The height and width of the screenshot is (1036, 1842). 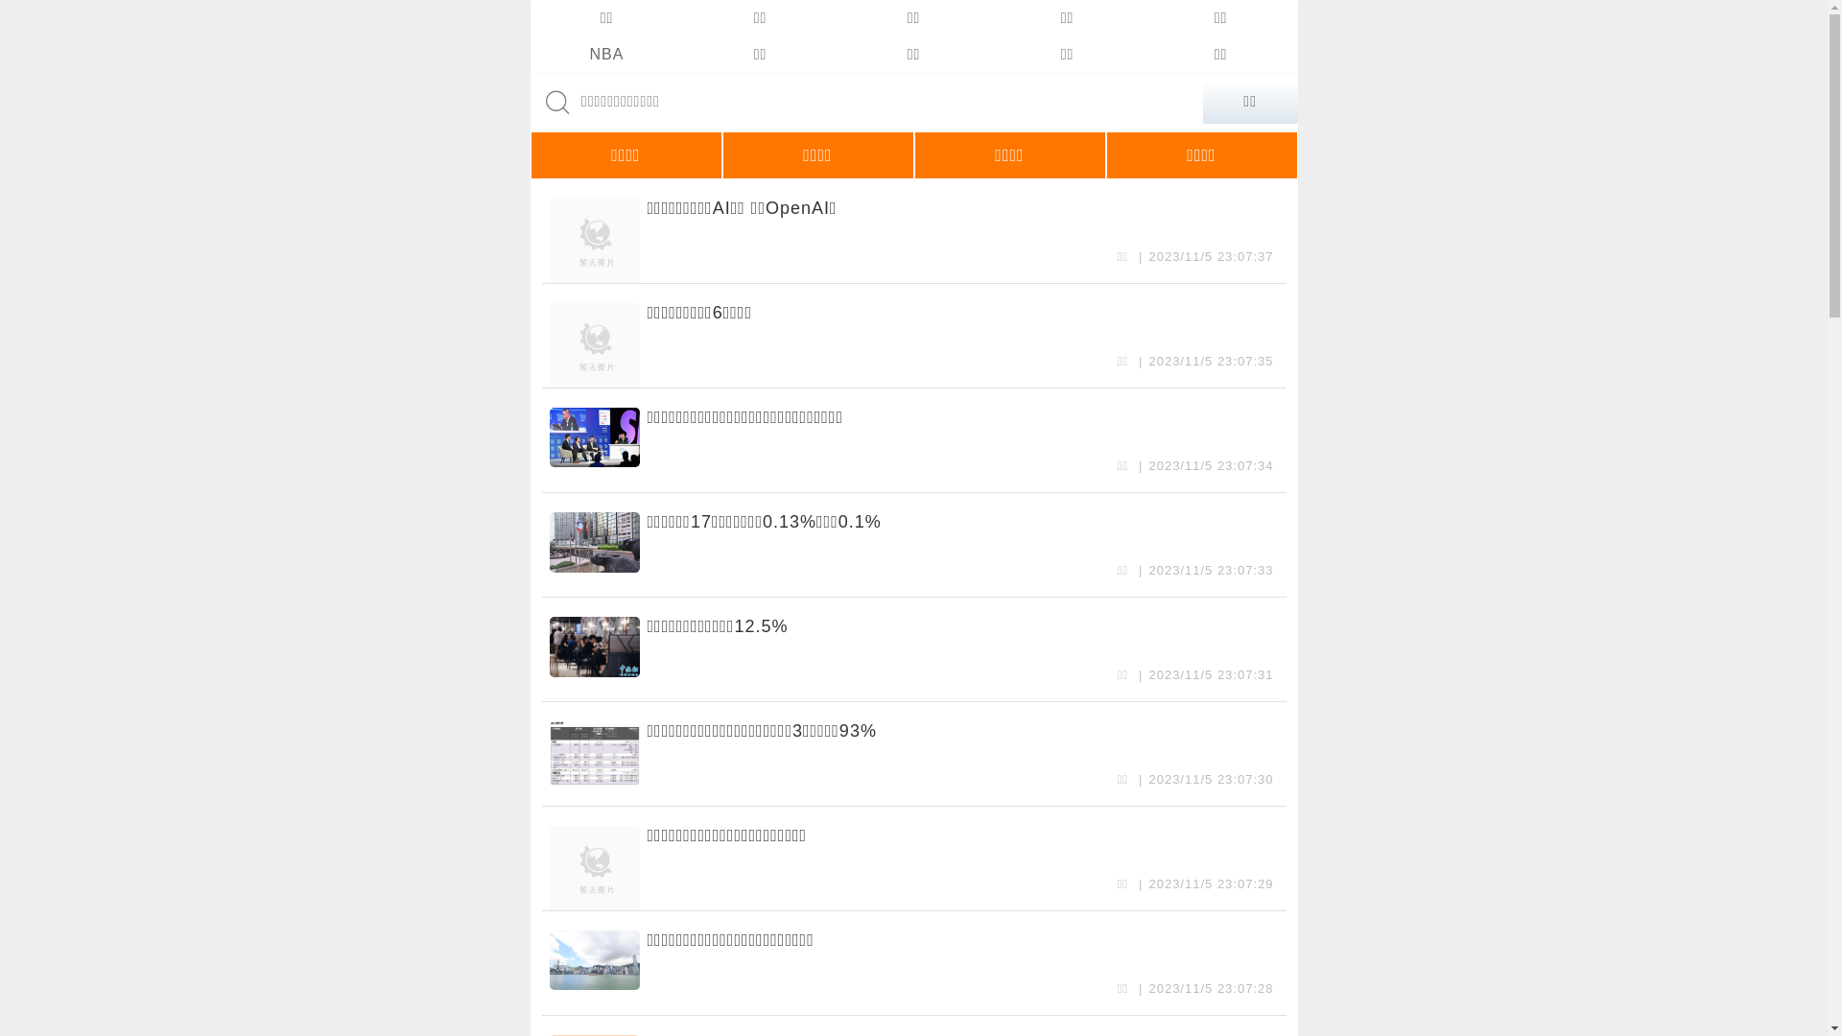 I want to click on 'NBA', so click(x=605, y=54).